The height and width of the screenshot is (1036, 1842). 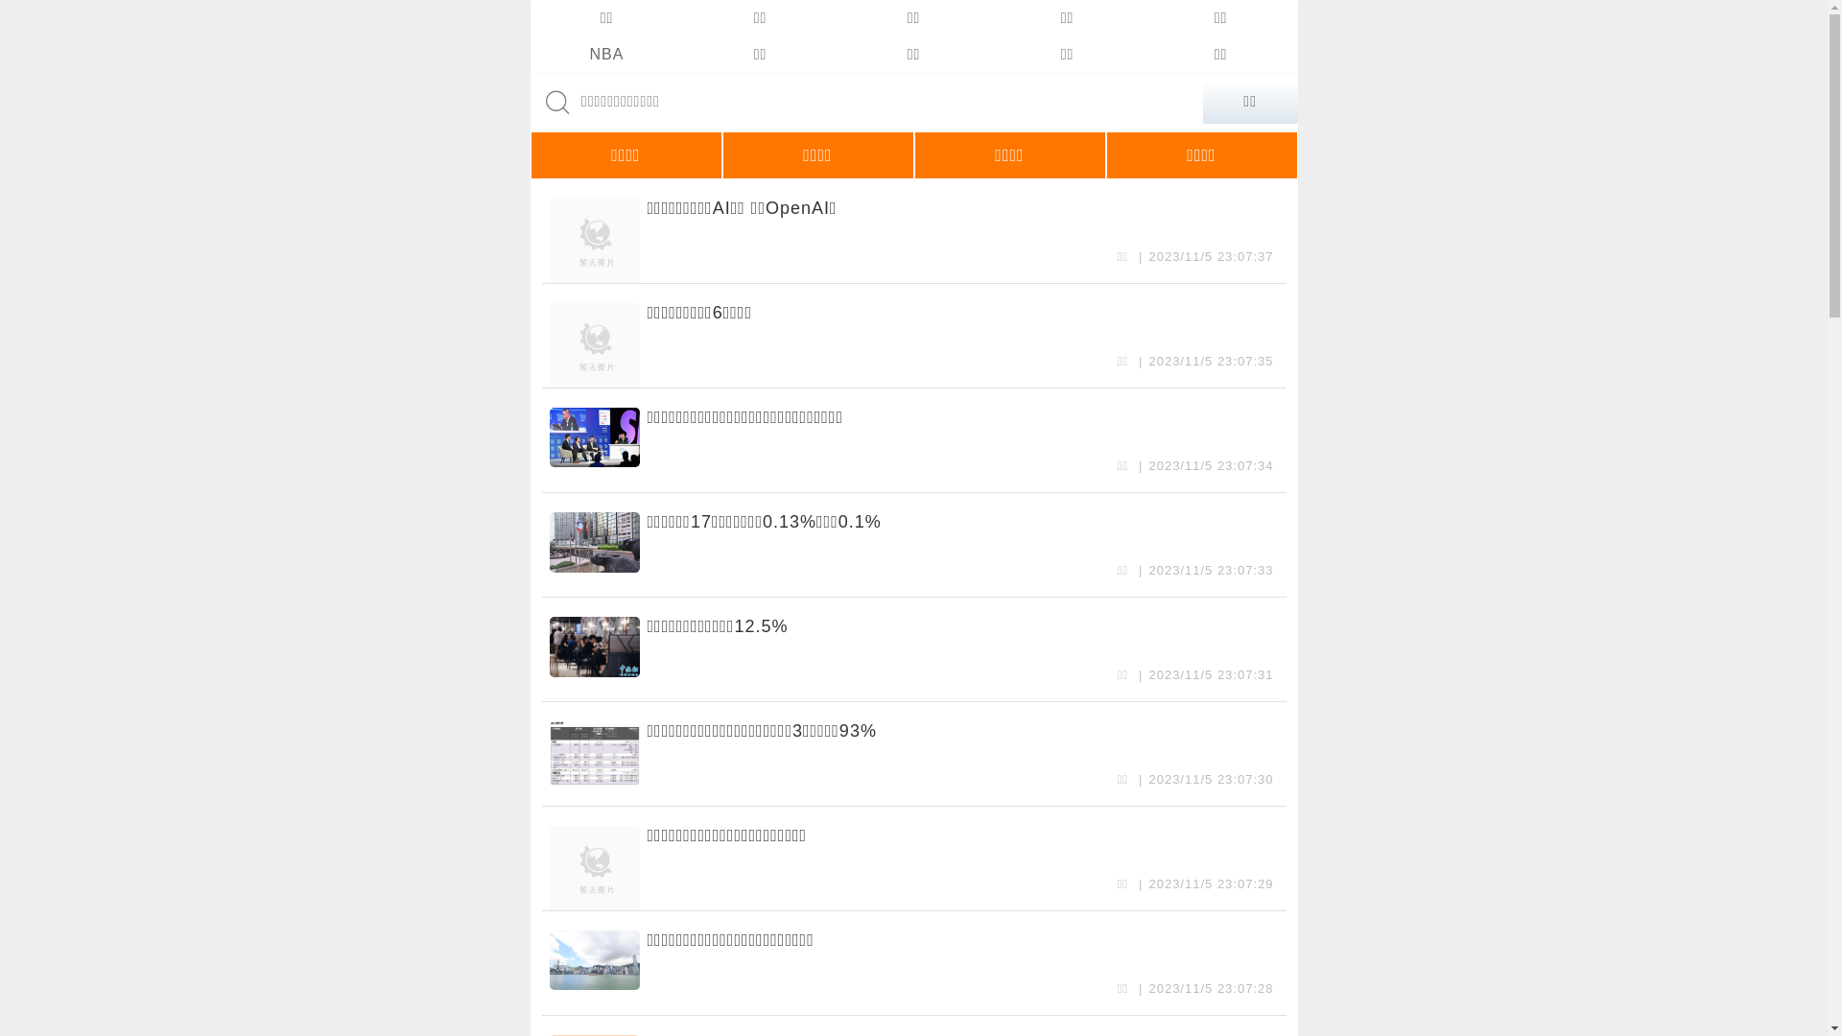 I want to click on 'NBA', so click(x=605, y=54).